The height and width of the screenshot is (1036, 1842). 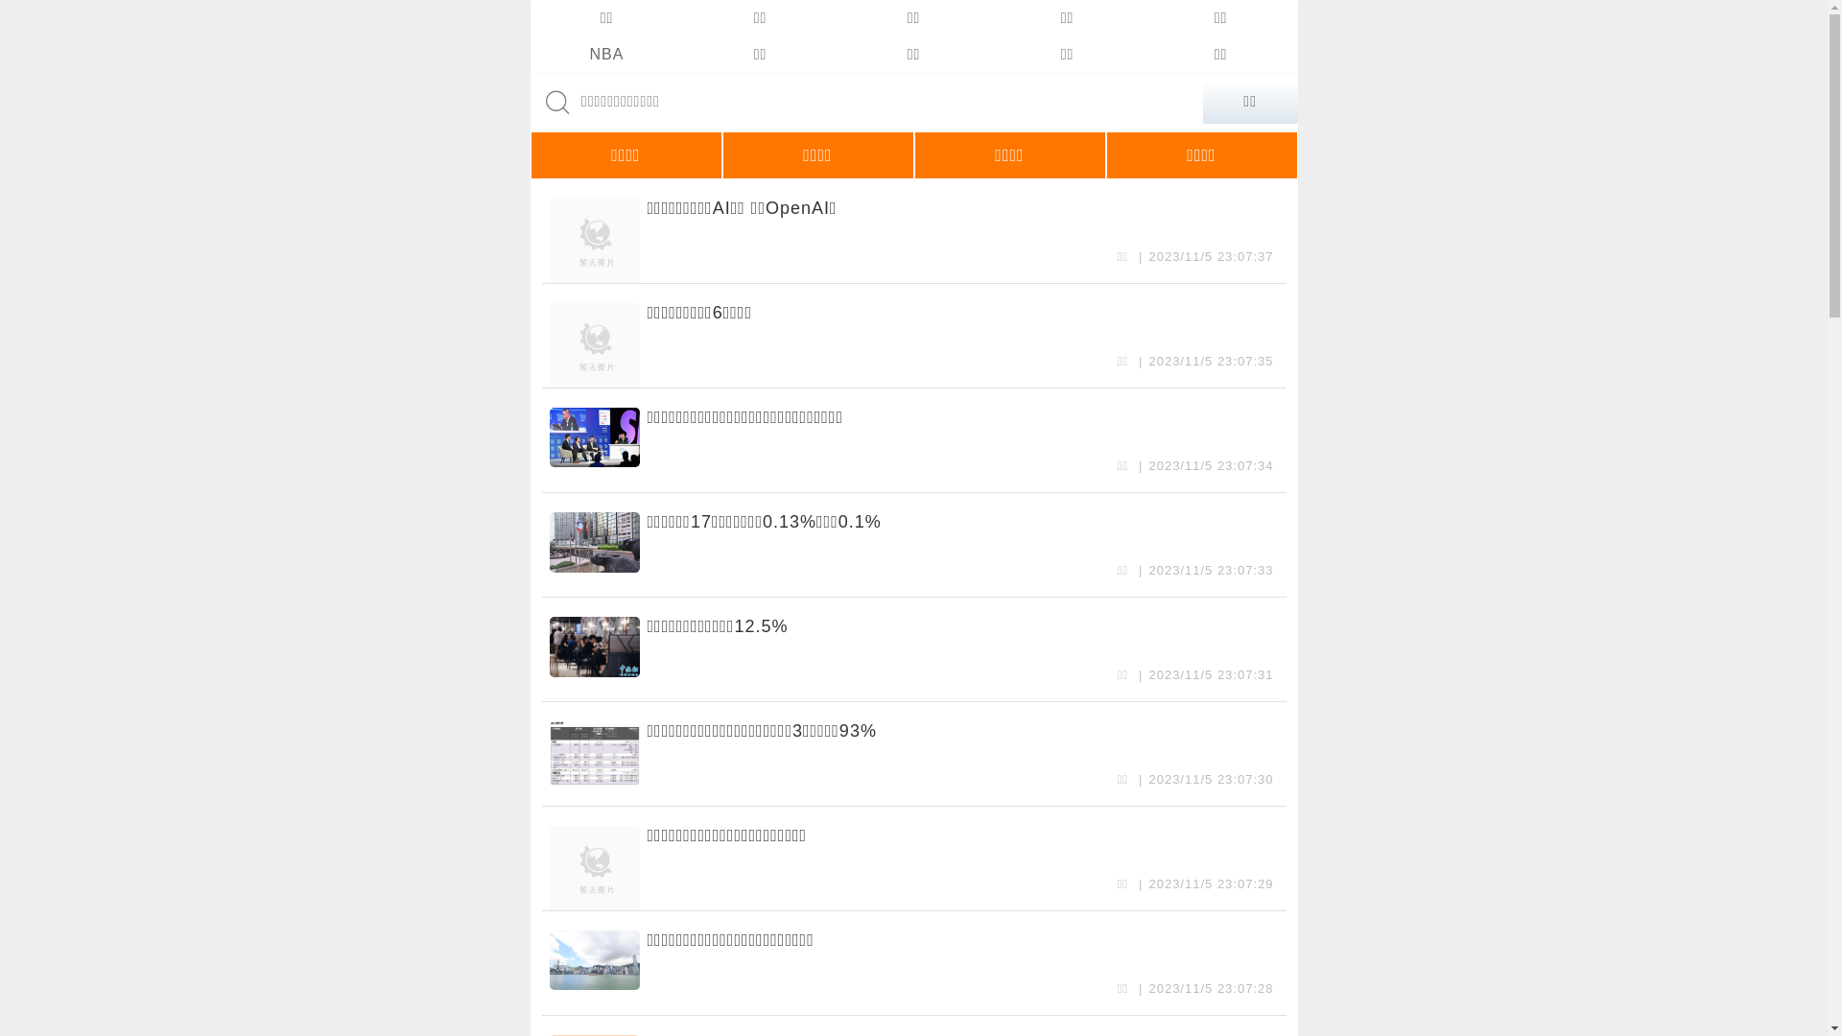 I want to click on 'NBA', so click(x=605, y=54).